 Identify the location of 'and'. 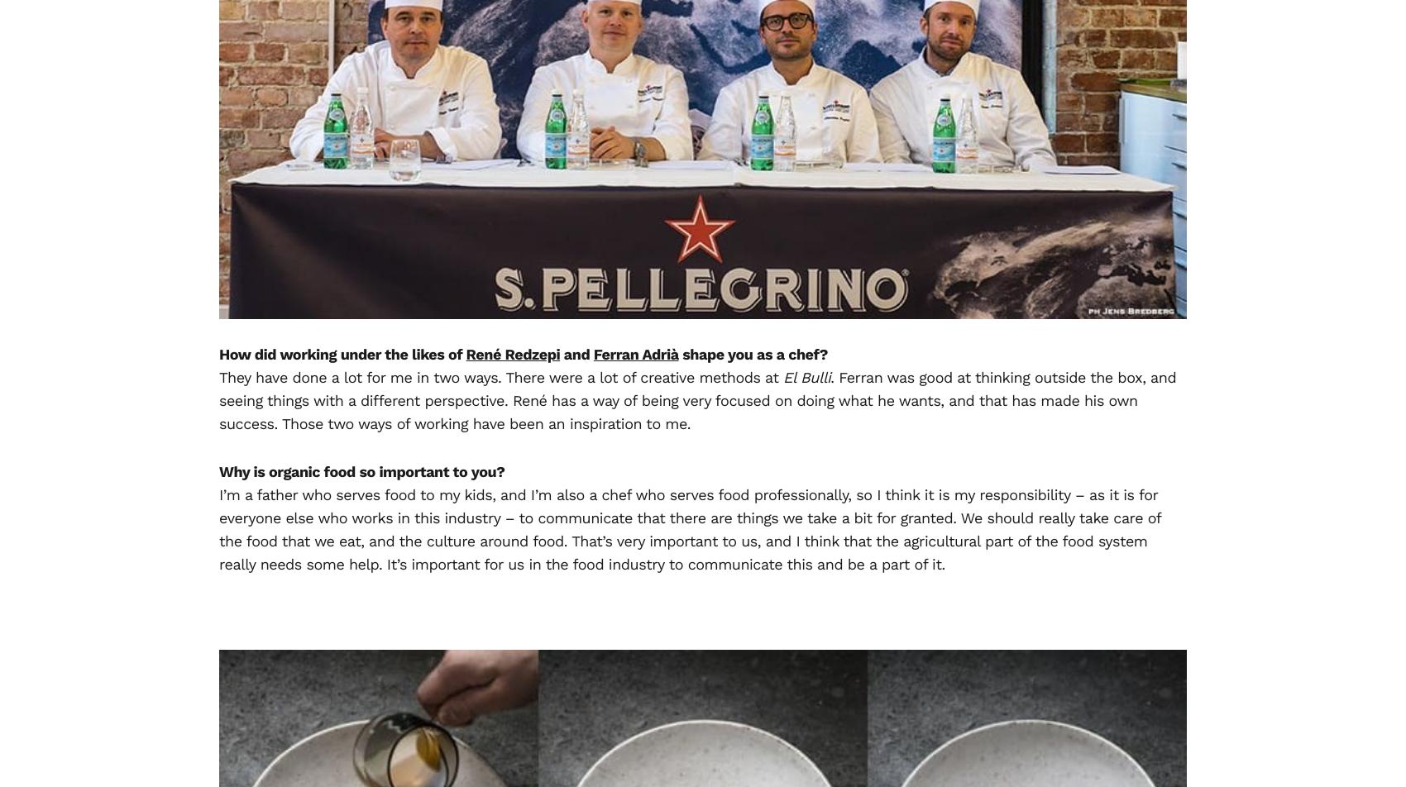
(576, 354).